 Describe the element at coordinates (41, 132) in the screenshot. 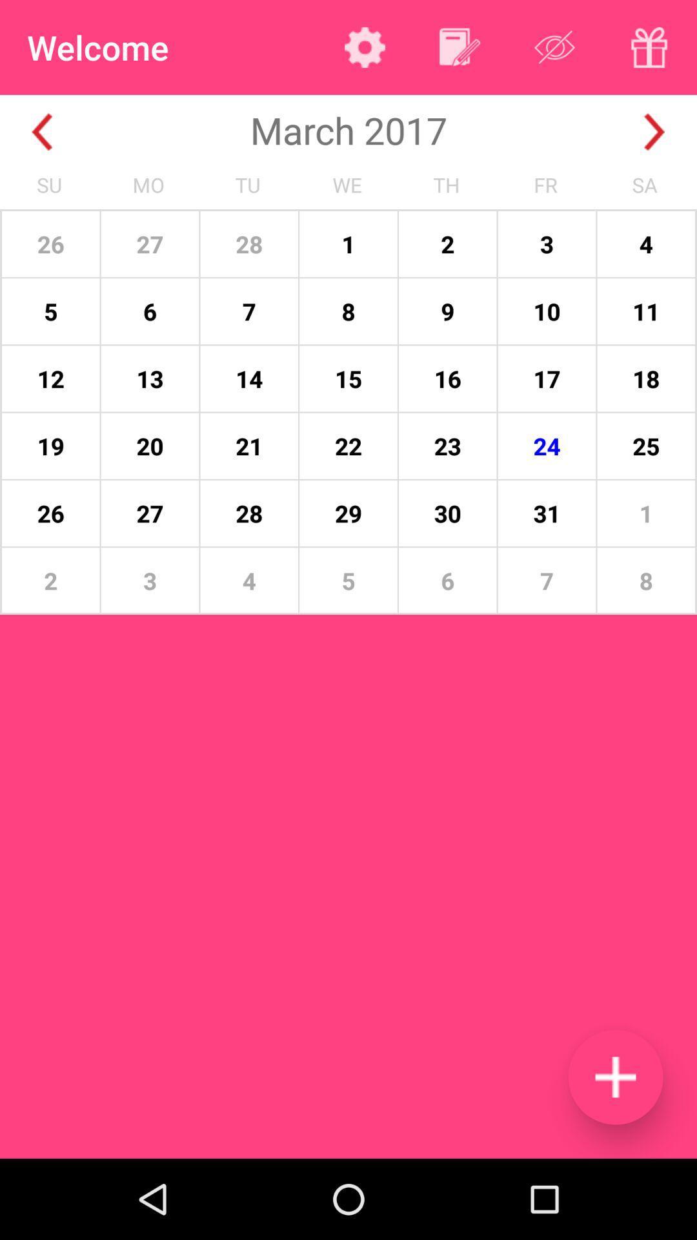

I see `the previous month` at that location.